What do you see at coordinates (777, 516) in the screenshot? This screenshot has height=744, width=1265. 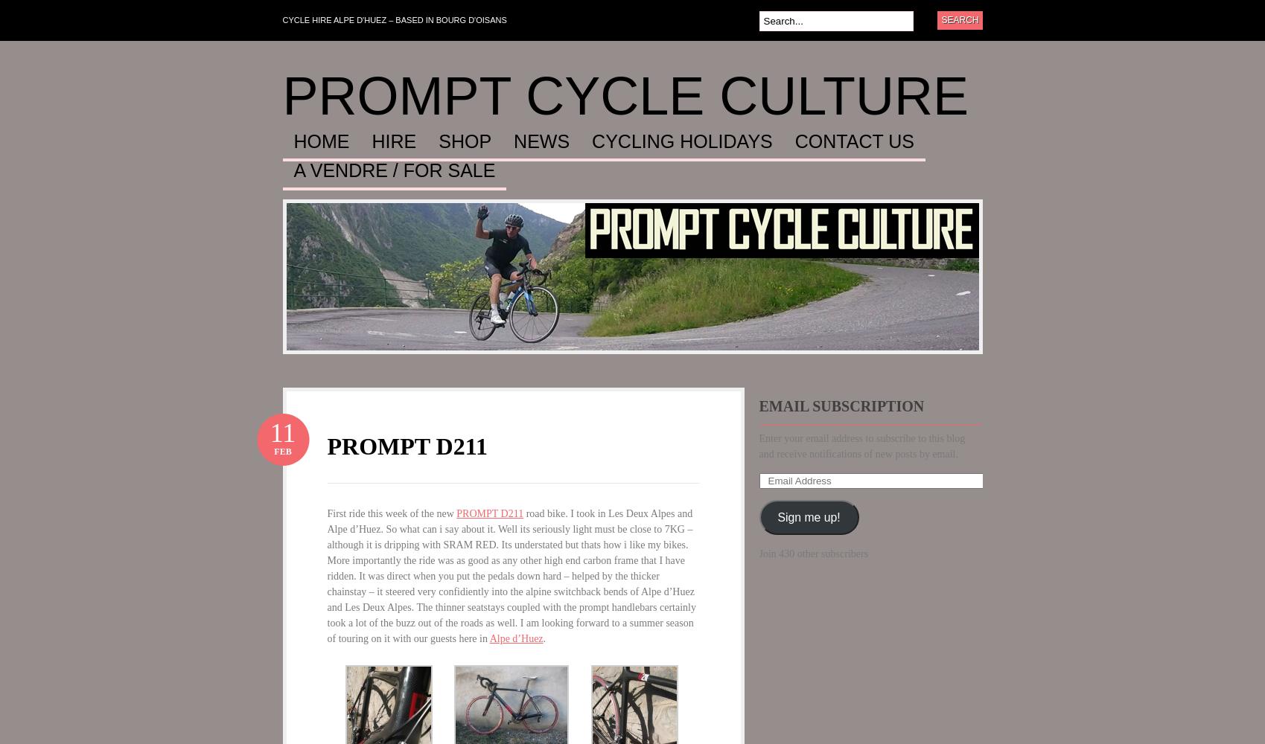 I see `'Sign me up!'` at bounding box center [777, 516].